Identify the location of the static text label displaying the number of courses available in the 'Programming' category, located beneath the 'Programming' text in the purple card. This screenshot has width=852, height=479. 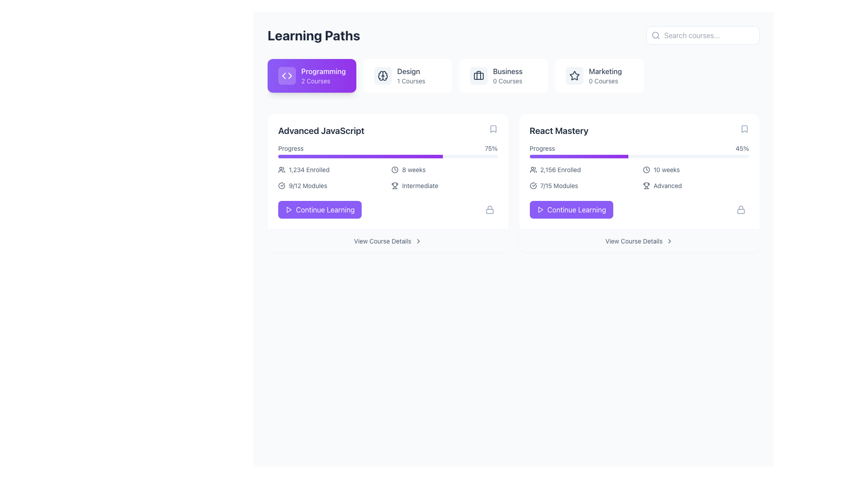
(323, 81).